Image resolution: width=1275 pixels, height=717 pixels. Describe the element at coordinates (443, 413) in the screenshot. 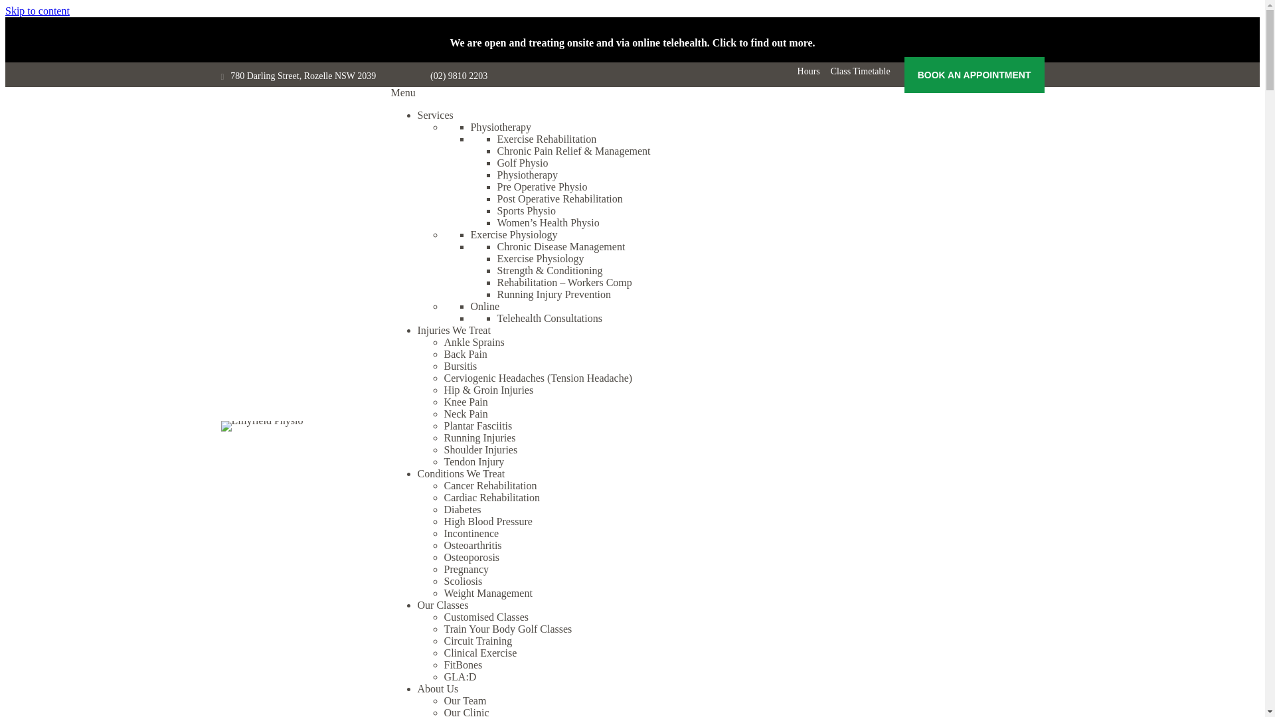

I see `'Neck Pain'` at that location.